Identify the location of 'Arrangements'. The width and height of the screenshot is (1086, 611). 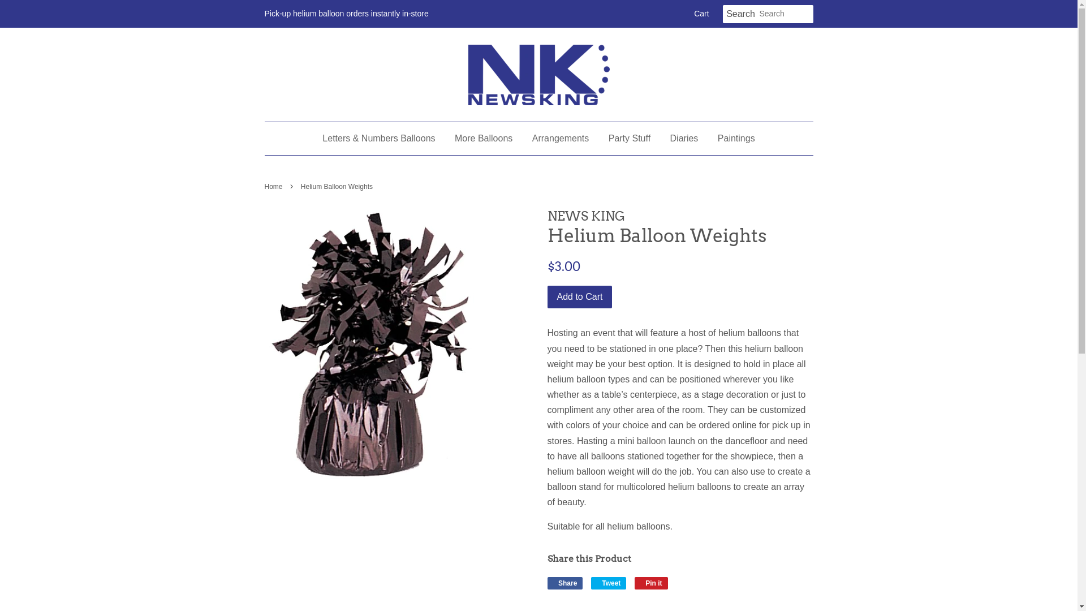
(561, 137).